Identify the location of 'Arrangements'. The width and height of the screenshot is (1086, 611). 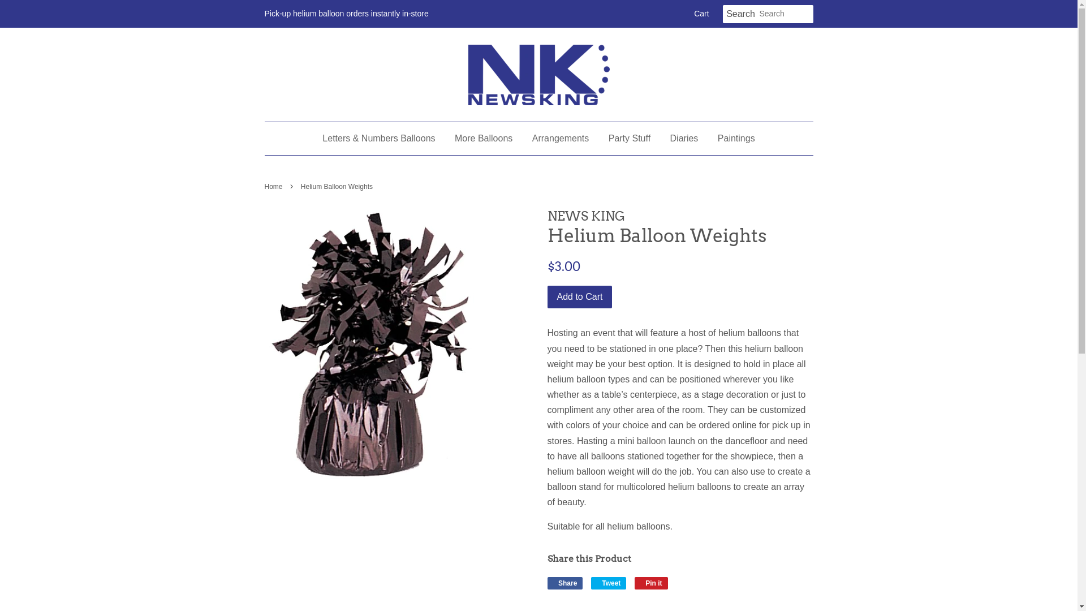
(561, 137).